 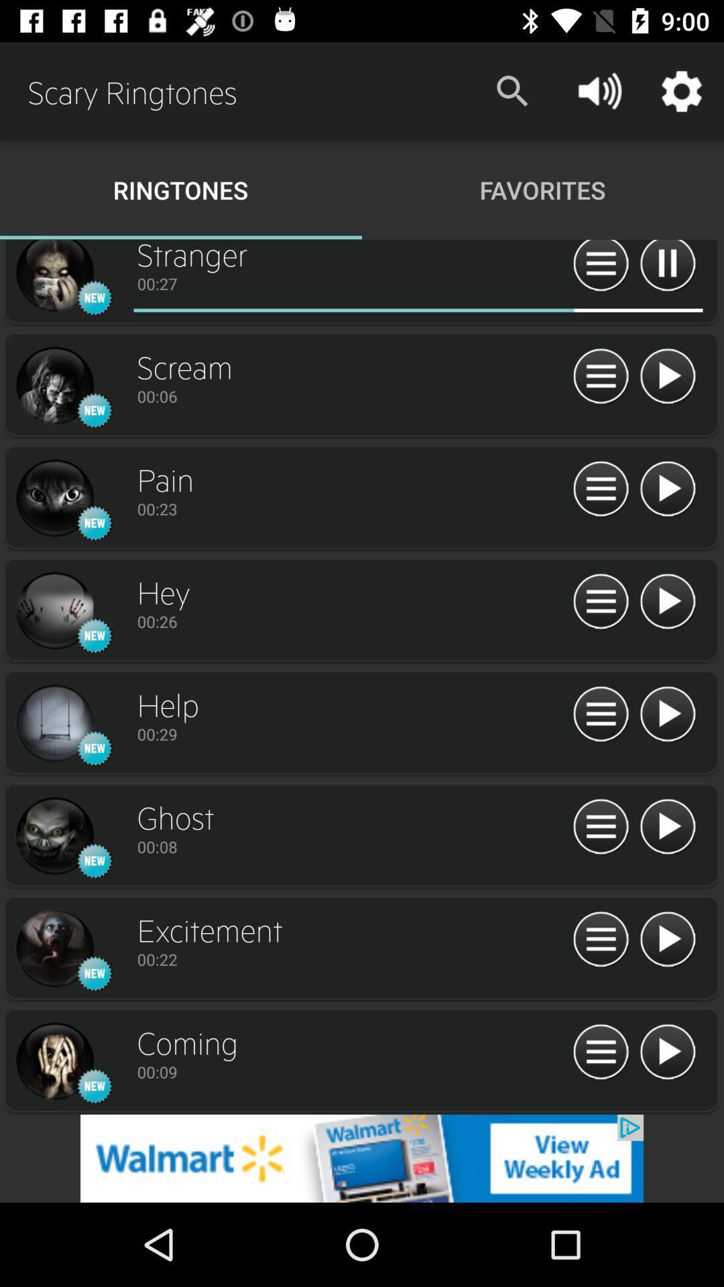 I want to click on song, so click(x=667, y=826).